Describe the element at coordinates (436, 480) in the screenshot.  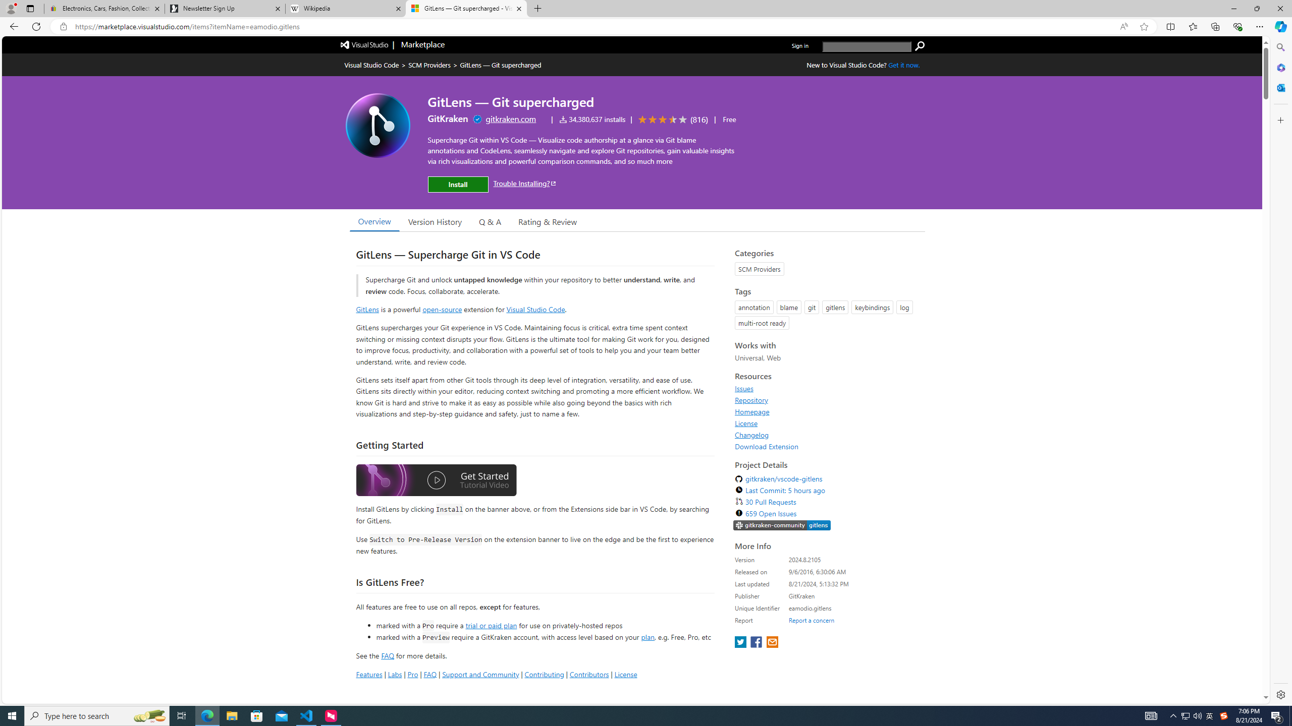
I see `'Watch the GitLens Getting Started video'` at that location.